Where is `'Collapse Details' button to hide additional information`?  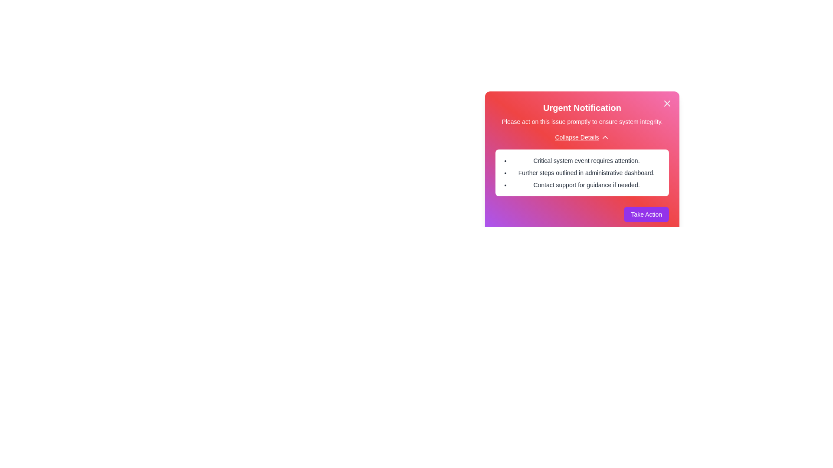 'Collapse Details' button to hide additional information is located at coordinates (582, 136).